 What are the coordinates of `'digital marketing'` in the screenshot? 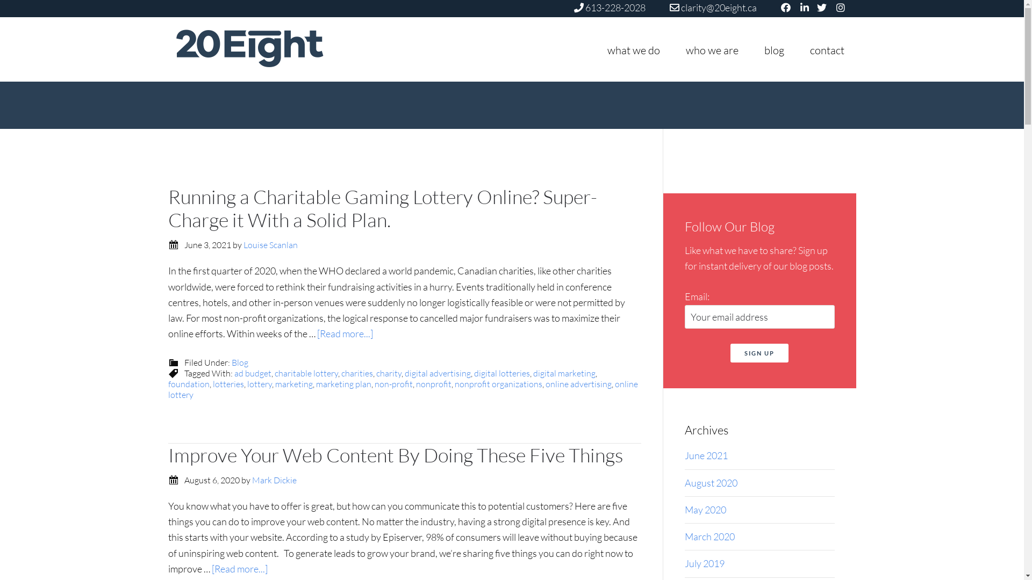 It's located at (564, 372).